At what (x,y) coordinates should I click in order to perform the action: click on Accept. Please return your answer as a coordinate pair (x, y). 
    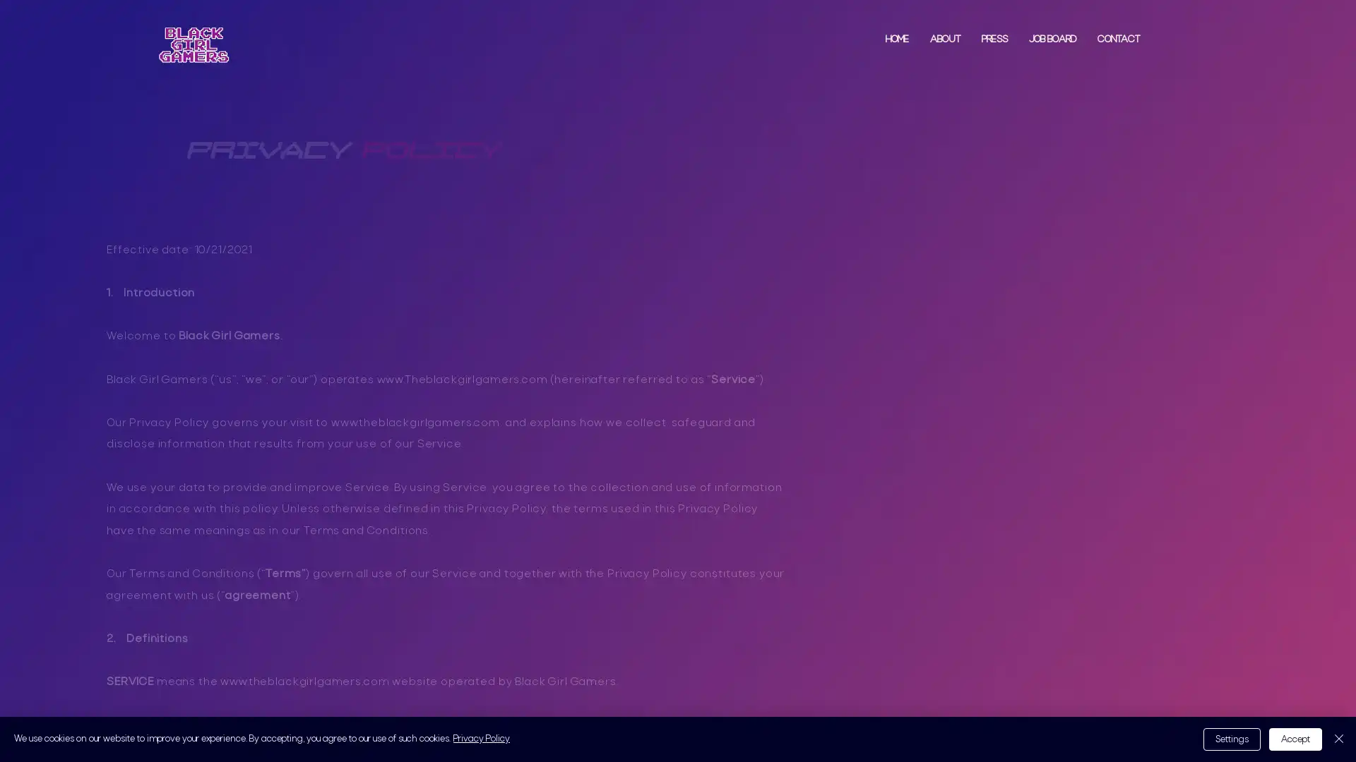
    Looking at the image, I should click on (1295, 739).